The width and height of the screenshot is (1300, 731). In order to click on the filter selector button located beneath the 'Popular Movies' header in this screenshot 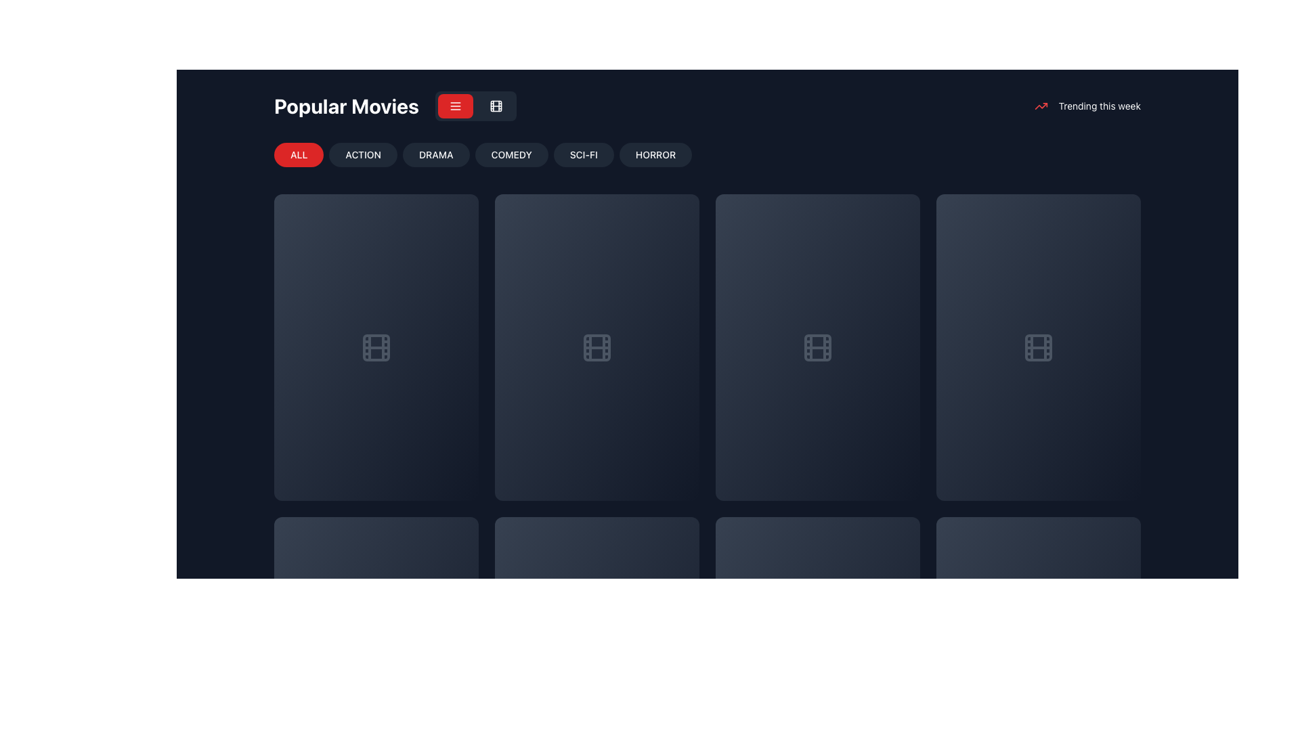, I will do `click(298, 154)`.